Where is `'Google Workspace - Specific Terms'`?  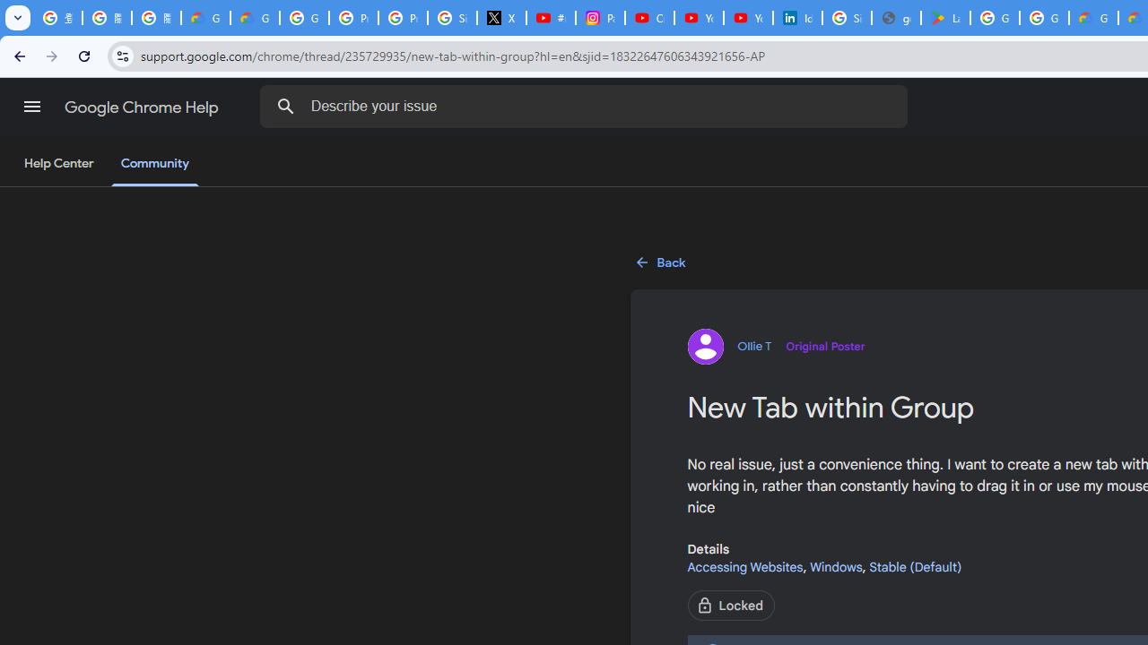 'Google Workspace - Specific Terms' is located at coordinates (1044, 18).